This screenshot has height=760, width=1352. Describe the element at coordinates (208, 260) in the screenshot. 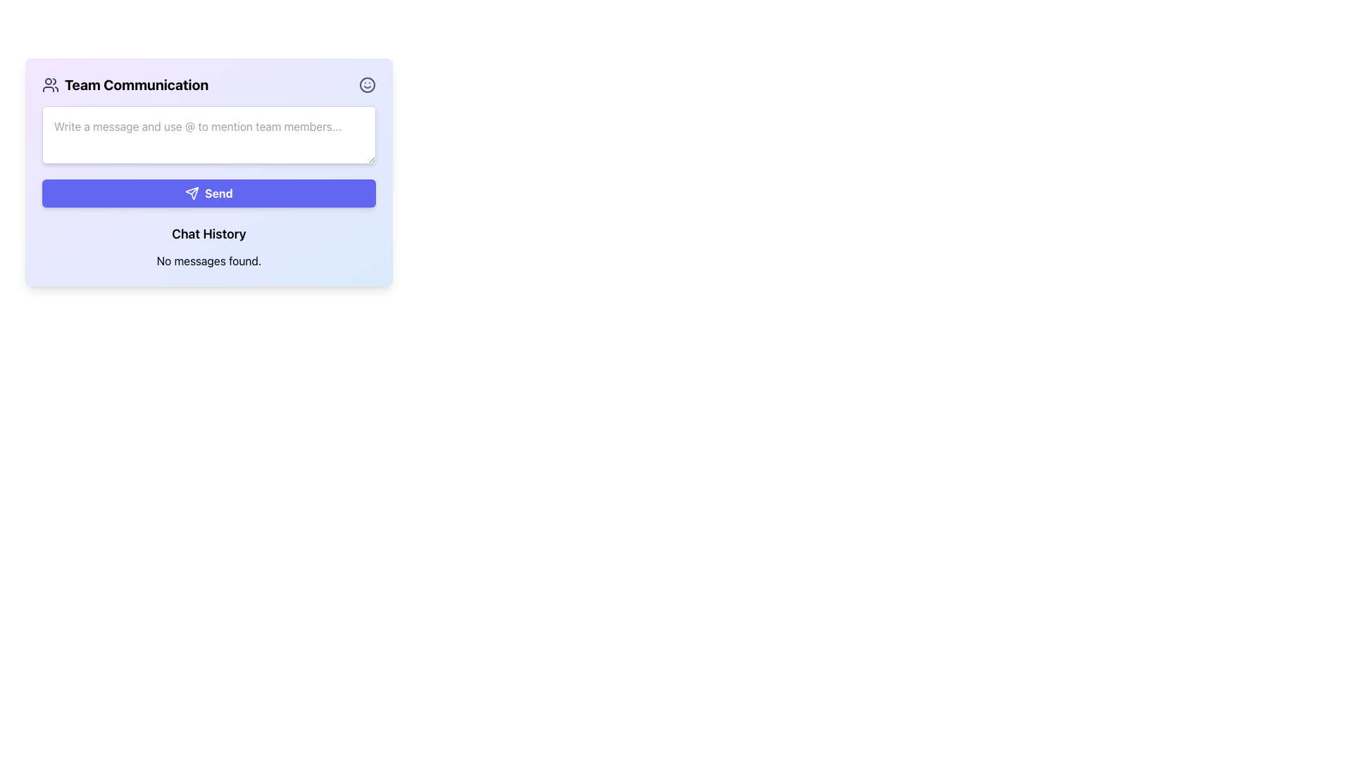

I see `text display that contains 'No messages found.' which is centrally aligned below the 'Chat History' title` at that location.